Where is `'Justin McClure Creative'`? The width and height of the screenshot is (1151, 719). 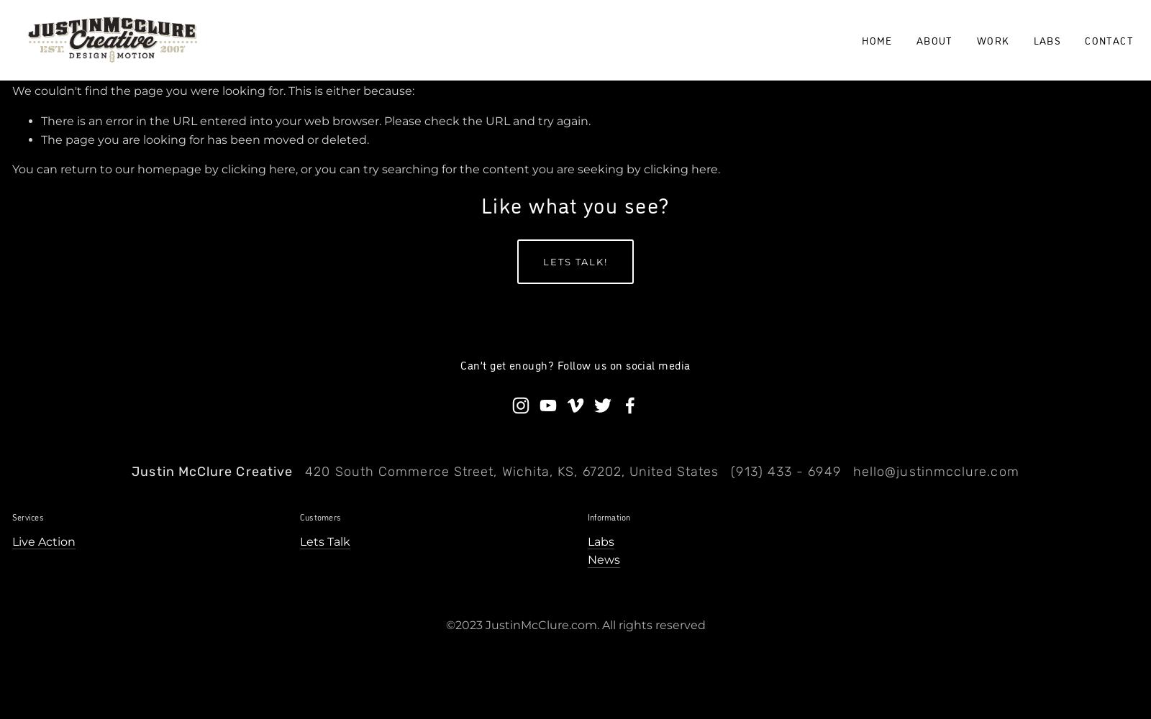 'Justin McClure Creative' is located at coordinates (212, 472).